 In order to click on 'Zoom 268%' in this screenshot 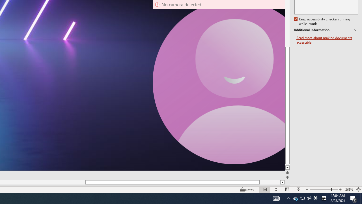, I will do `click(349, 190)`.